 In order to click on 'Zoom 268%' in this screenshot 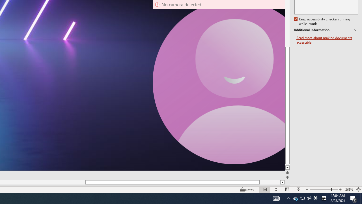, I will do `click(349, 190)`.